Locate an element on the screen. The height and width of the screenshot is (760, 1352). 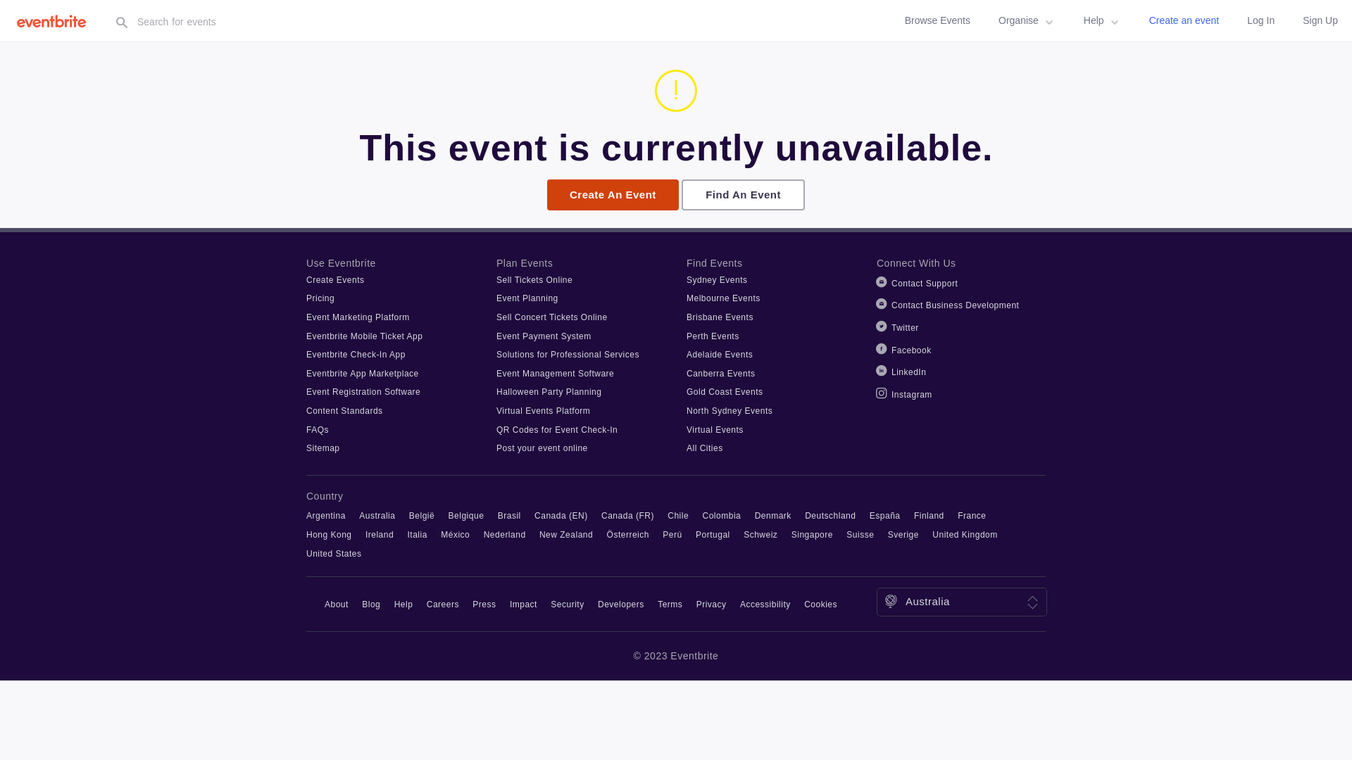
'Melbourne Events' is located at coordinates (723, 298).